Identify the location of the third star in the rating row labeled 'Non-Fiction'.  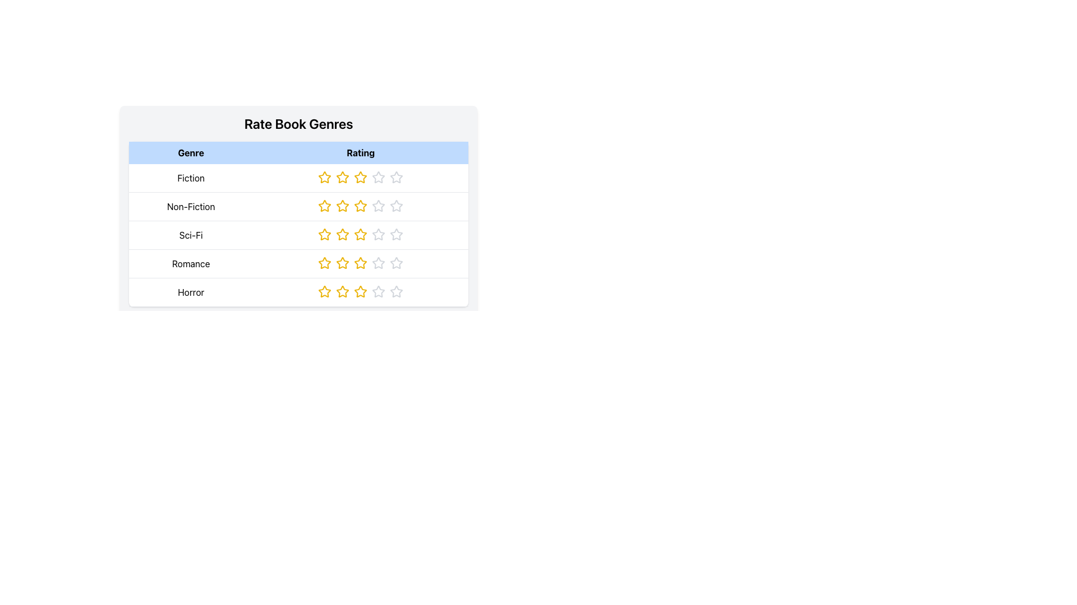
(361, 206).